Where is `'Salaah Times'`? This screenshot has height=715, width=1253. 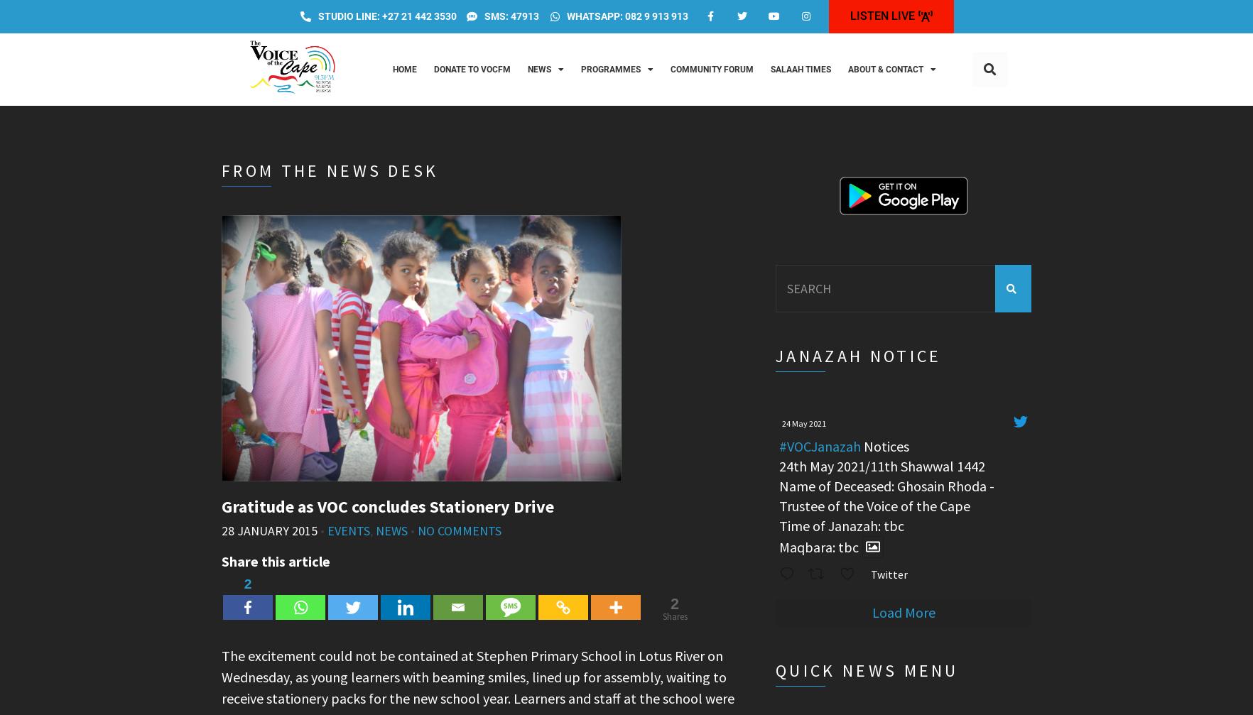 'Salaah Times' is located at coordinates (801, 68).